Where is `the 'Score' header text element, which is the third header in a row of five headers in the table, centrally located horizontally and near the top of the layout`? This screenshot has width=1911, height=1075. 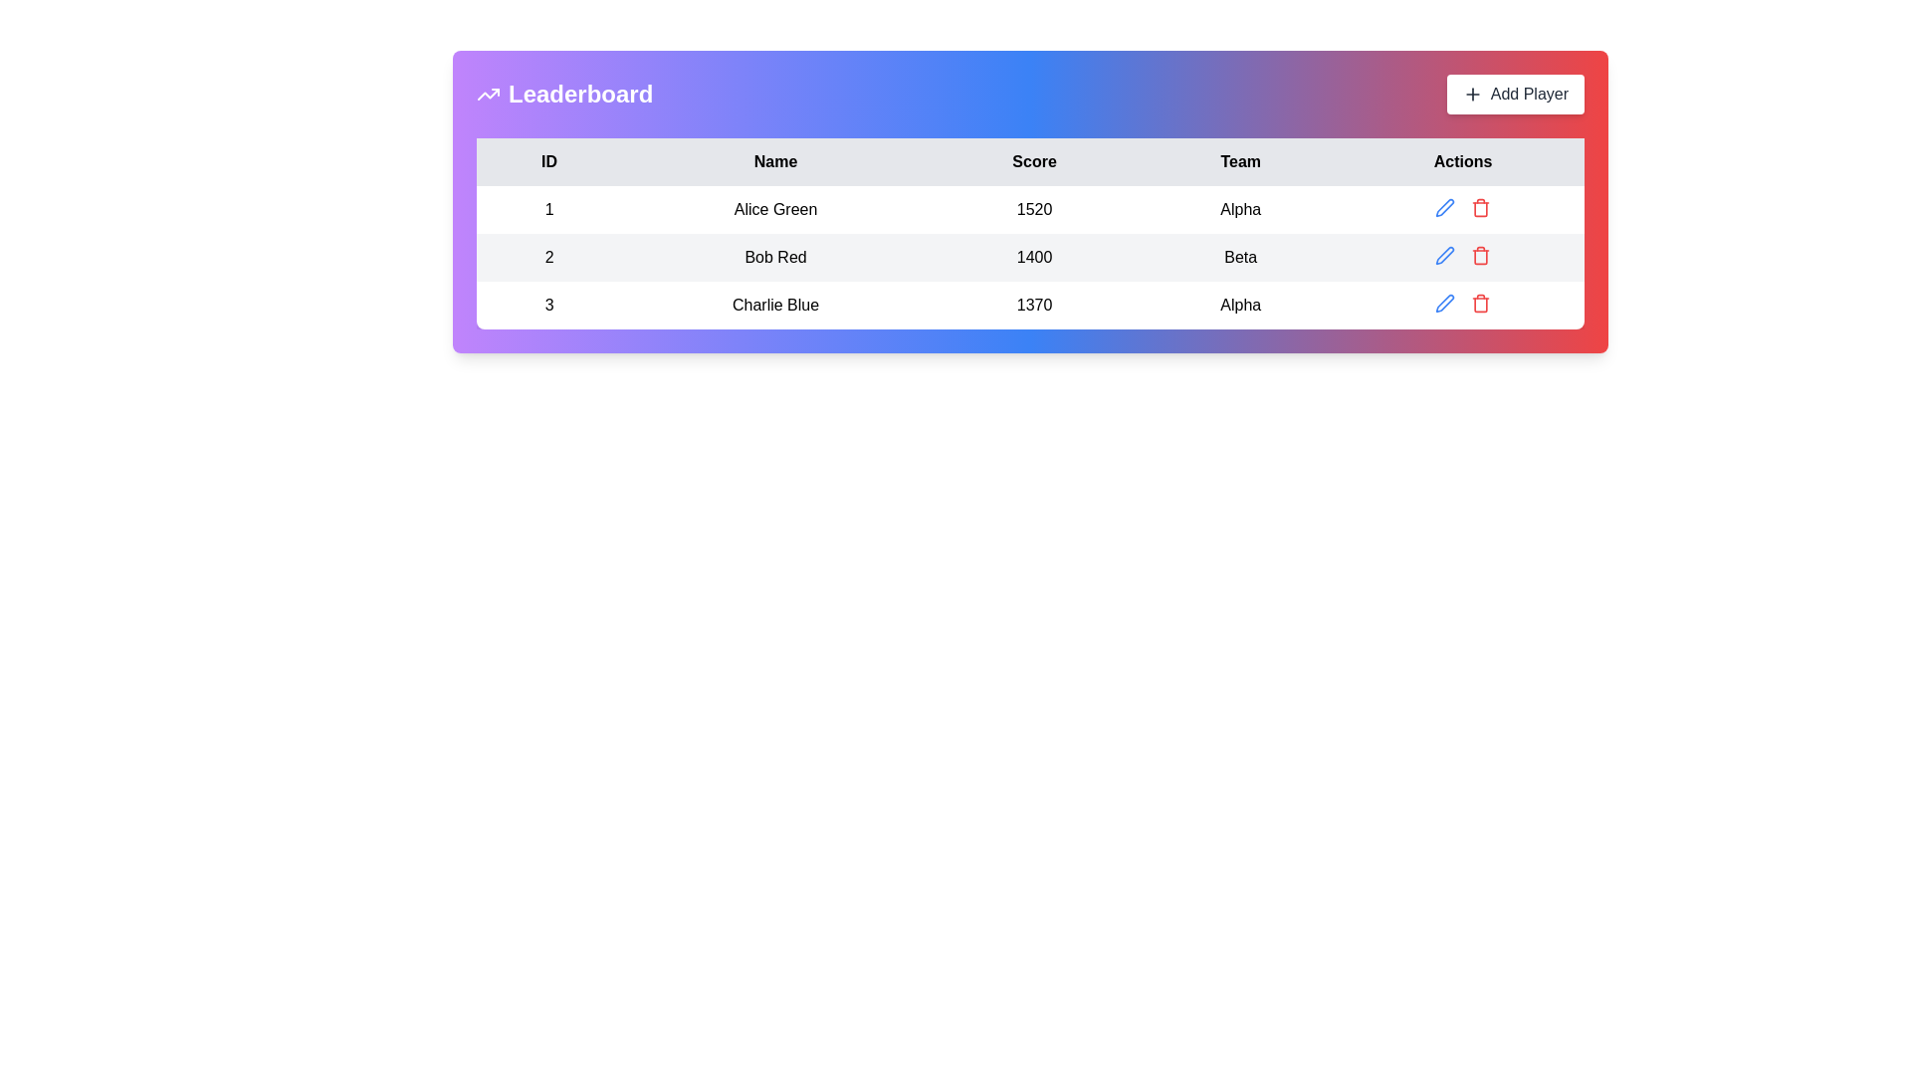 the 'Score' header text element, which is the third header in a row of five headers in the table, centrally located horizontally and near the top of the layout is located at coordinates (1034, 160).